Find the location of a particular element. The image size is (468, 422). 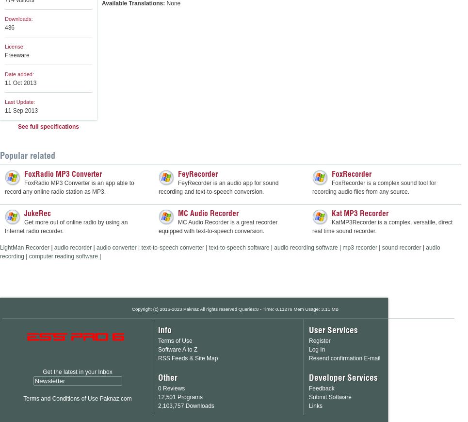

'computer reading software' is located at coordinates (63, 256).